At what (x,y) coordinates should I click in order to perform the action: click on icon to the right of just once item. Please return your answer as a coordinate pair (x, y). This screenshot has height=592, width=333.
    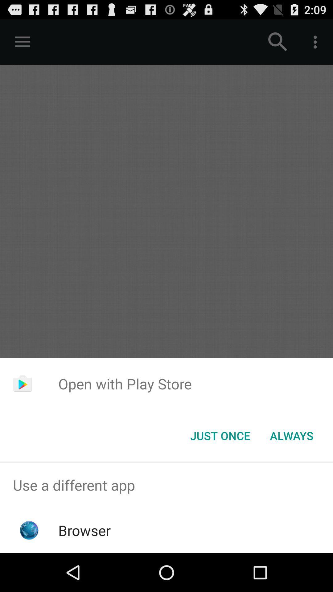
    Looking at the image, I should click on (291, 435).